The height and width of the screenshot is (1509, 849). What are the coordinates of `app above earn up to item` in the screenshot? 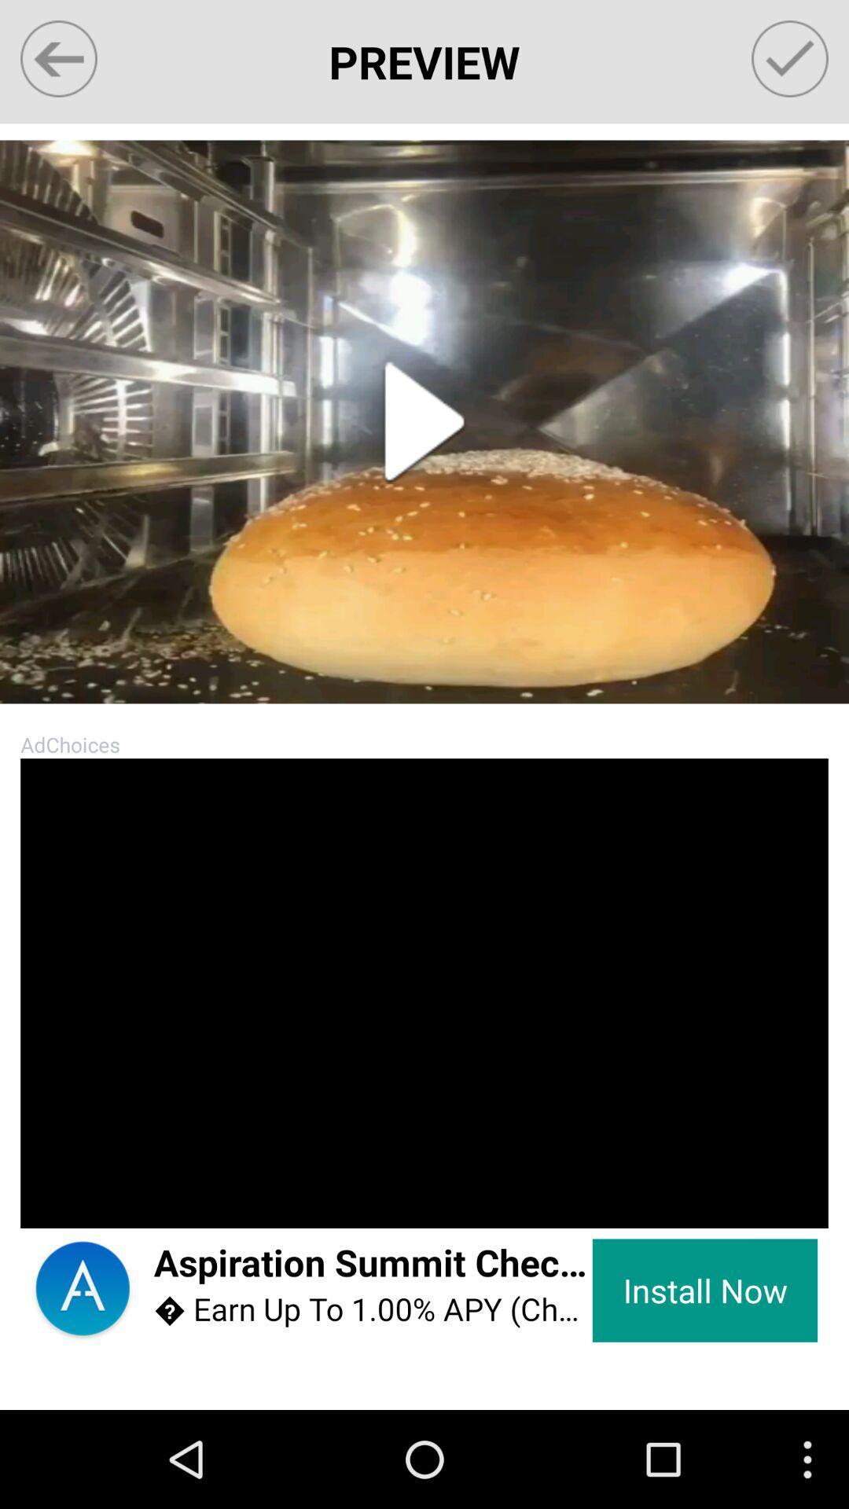 It's located at (373, 1264).